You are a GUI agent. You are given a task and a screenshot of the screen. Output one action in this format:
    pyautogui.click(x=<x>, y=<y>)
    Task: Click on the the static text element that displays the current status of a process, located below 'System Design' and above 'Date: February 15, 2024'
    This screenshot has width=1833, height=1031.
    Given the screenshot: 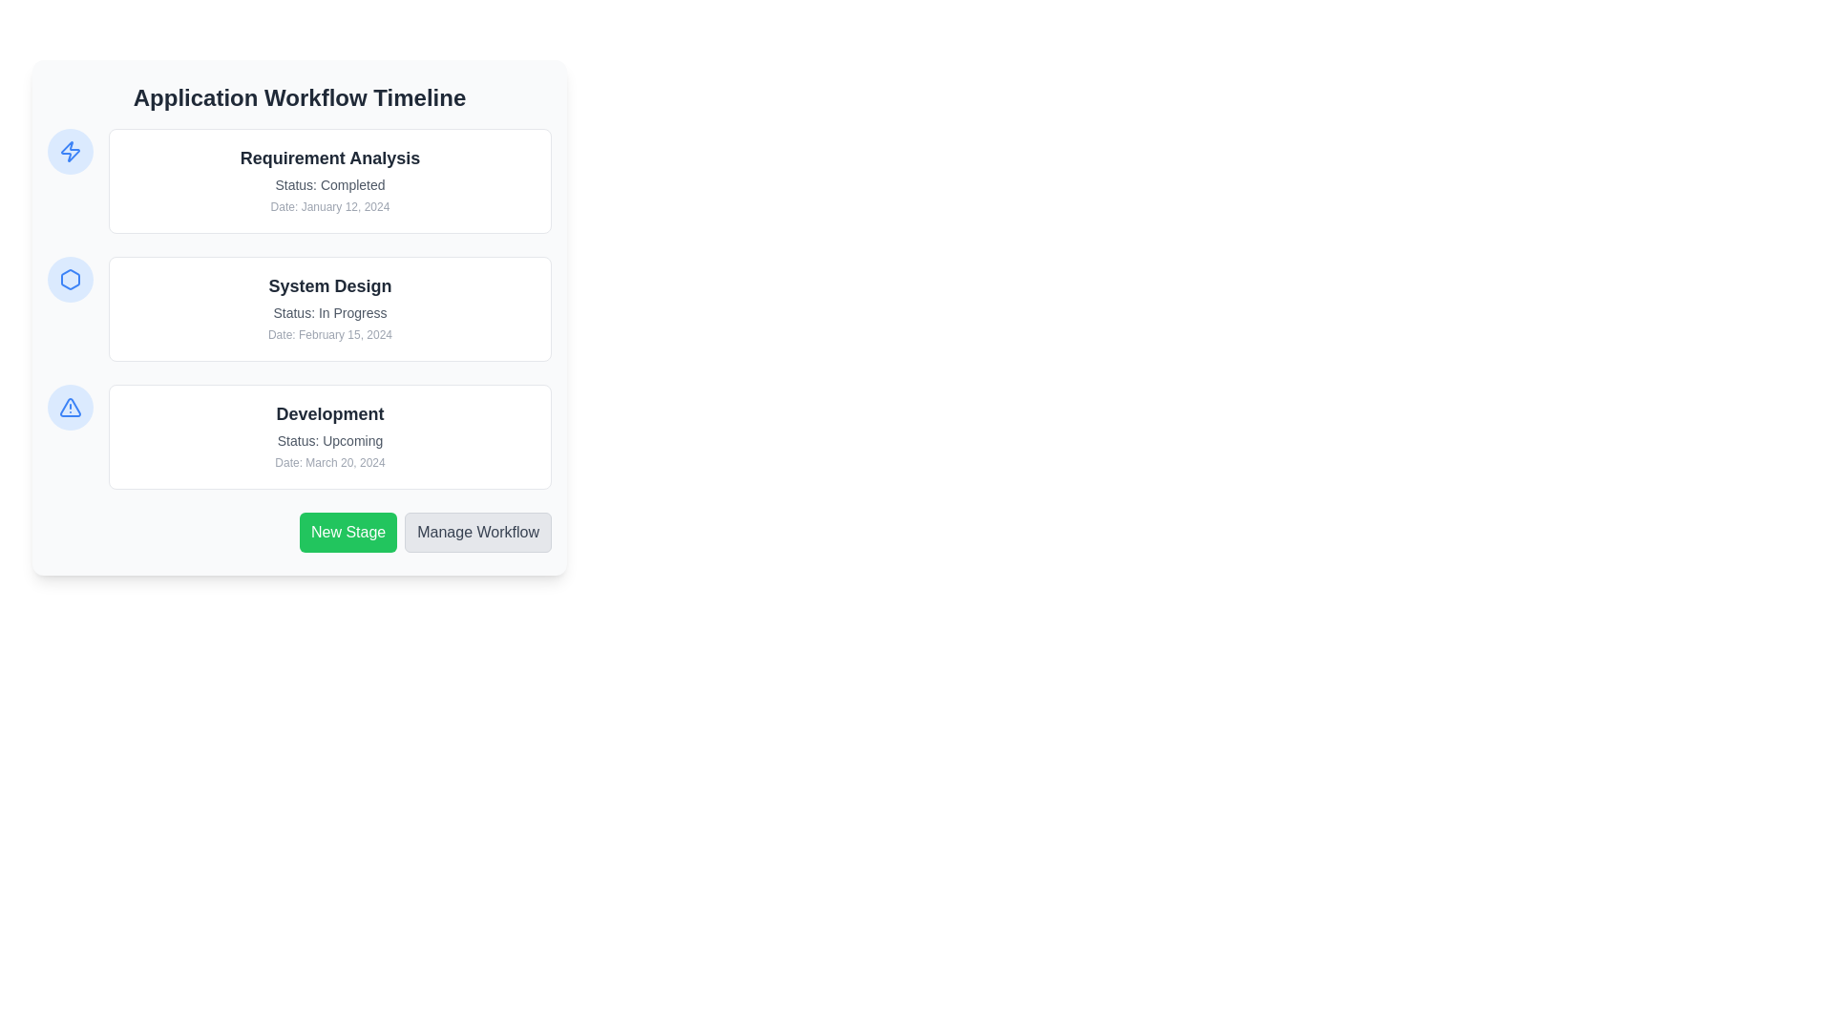 What is the action you would take?
    pyautogui.click(x=329, y=311)
    